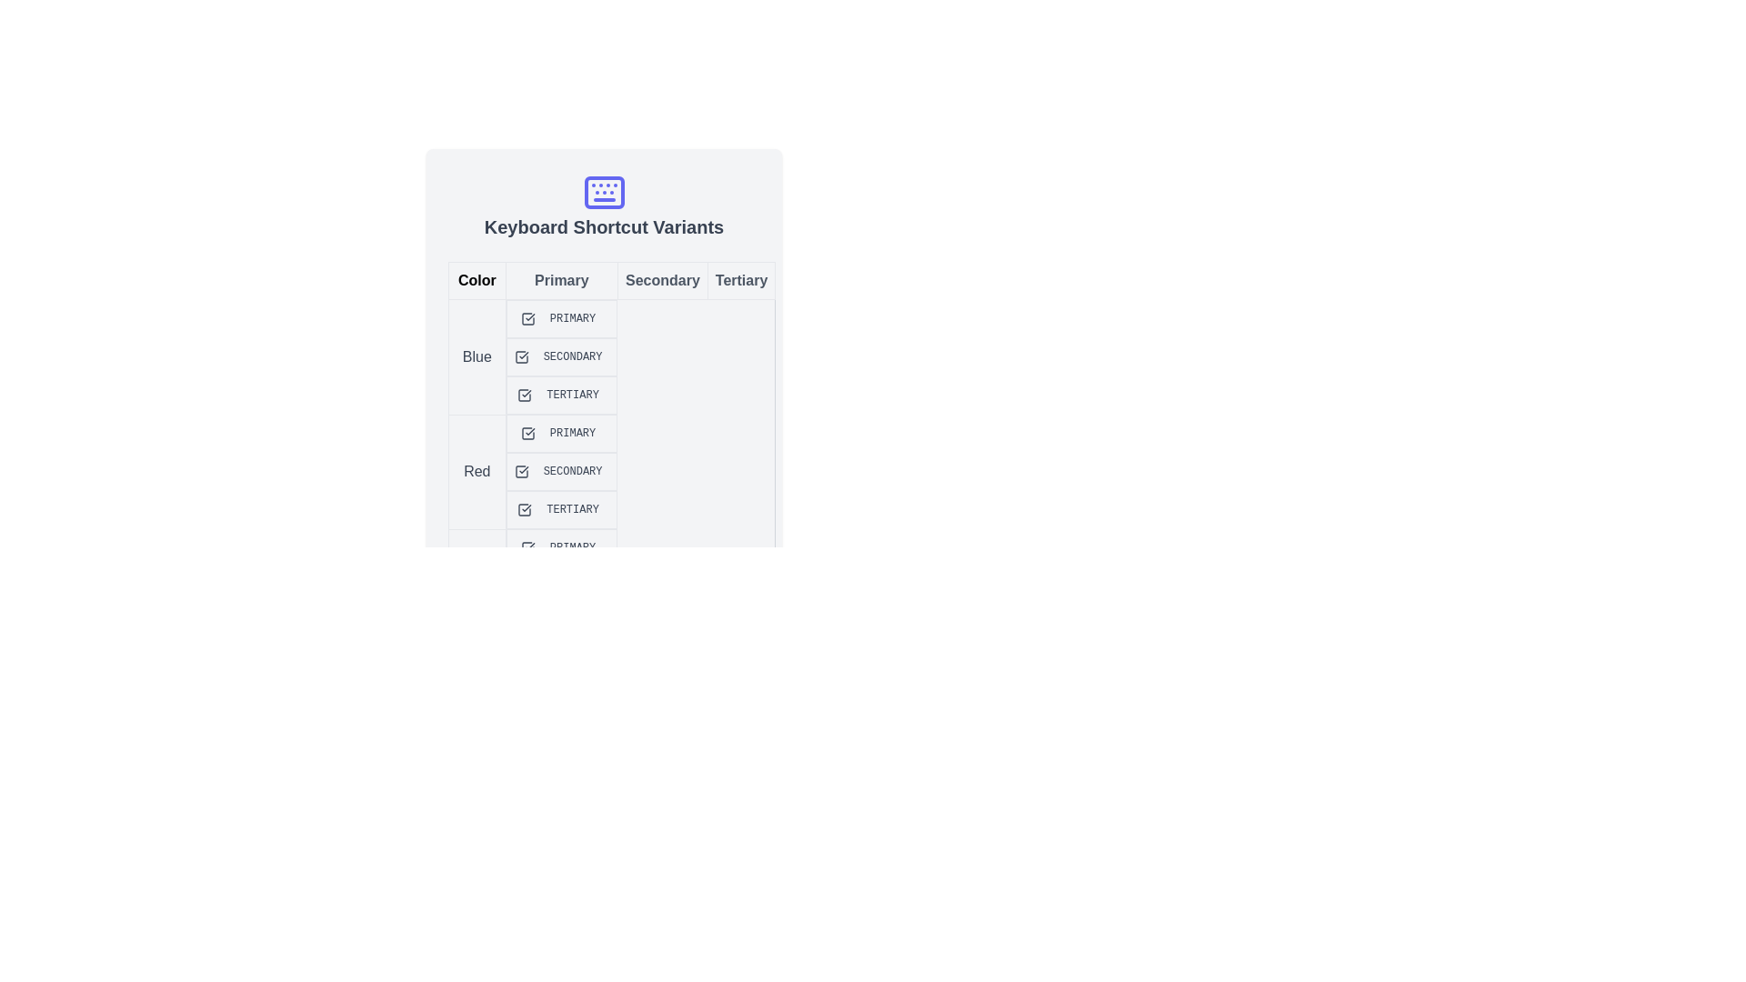 The width and height of the screenshot is (1746, 982). I want to click on the green checkmark icon located in the 'Red' row under the 'Primary' column, which is positioned to the left of the text 'Primary', so click(527, 546).